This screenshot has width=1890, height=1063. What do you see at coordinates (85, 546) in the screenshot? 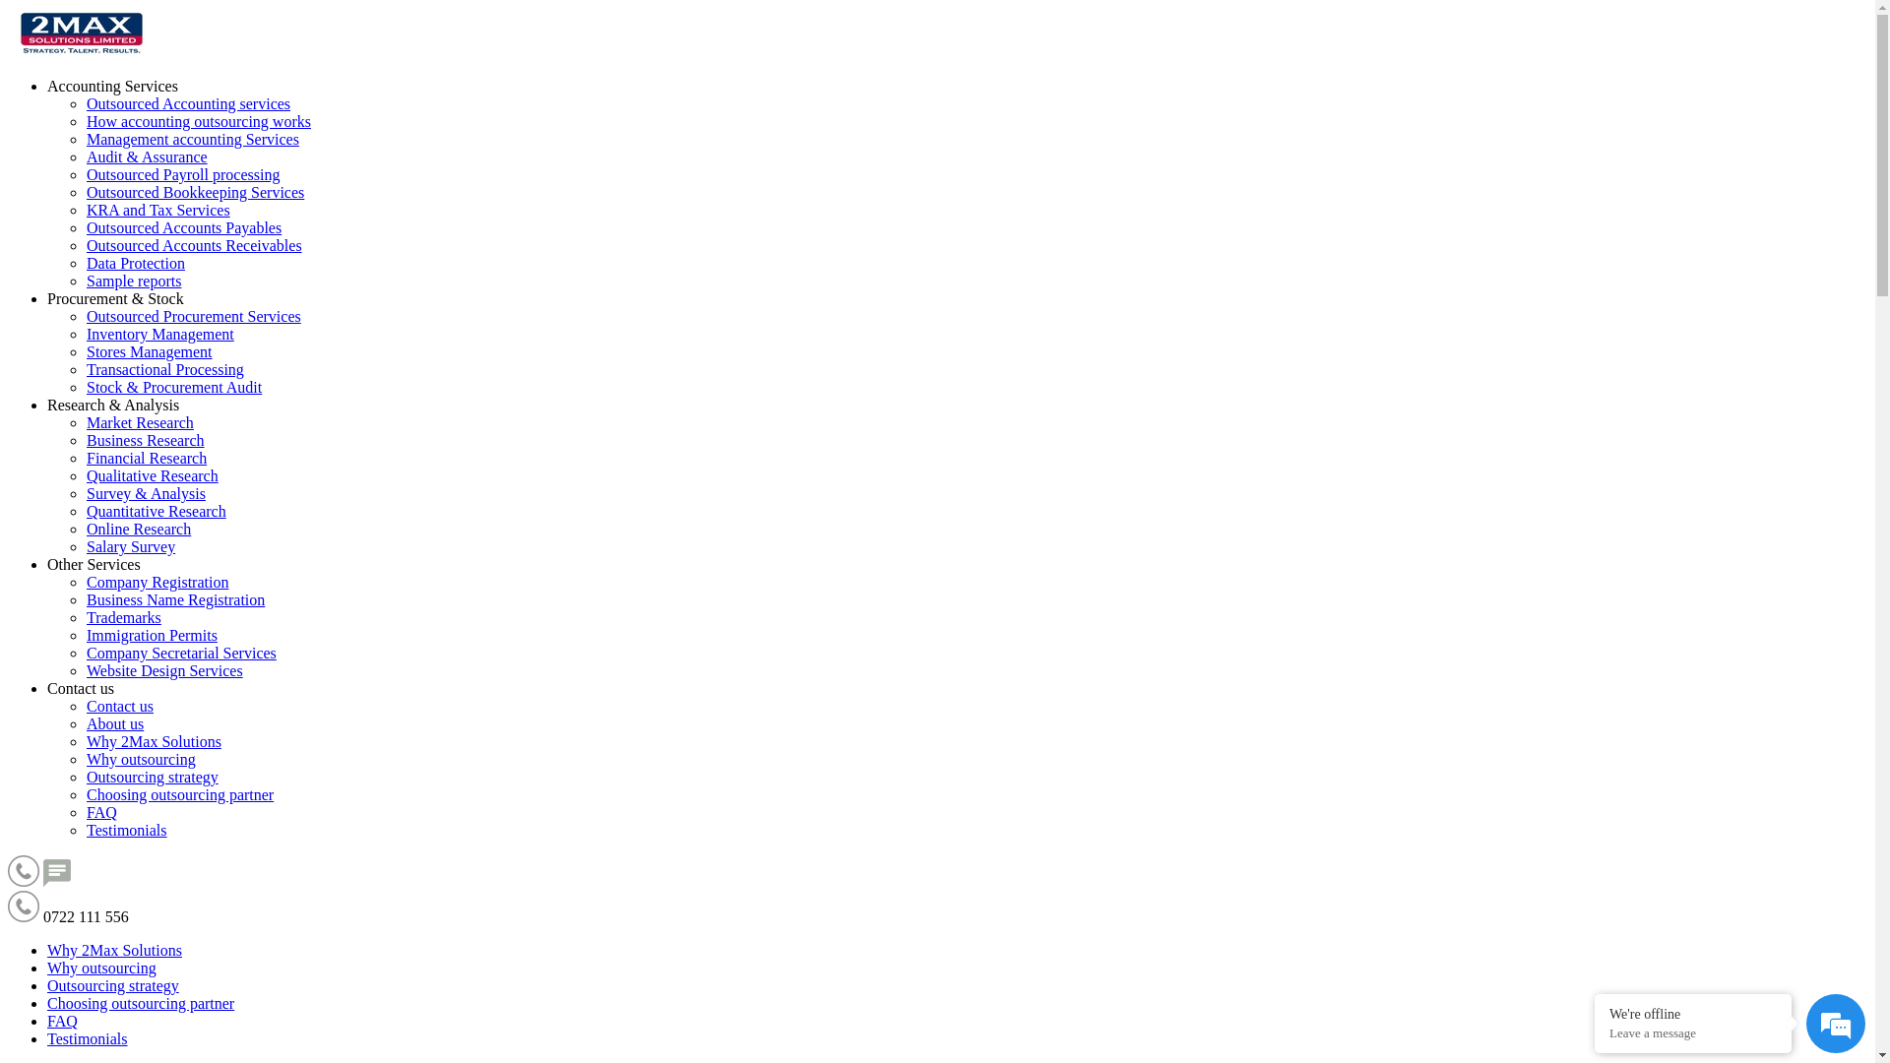
I see `'Salary Survey'` at bounding box center [85, 546].